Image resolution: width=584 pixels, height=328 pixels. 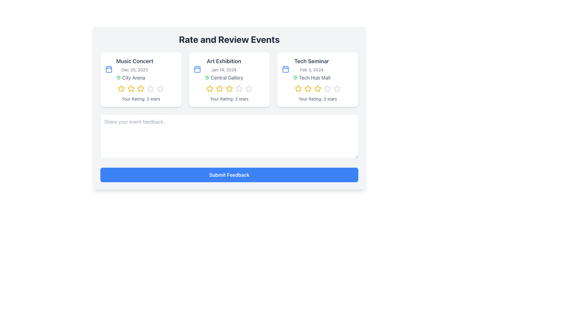 What do you see at coordinates (134, 61) in the screenshot?
I see `the 'Music Concert' text label, which is part of the event details card, positioned at the top of the card above the date and venue` at bounding box center [134, 61].